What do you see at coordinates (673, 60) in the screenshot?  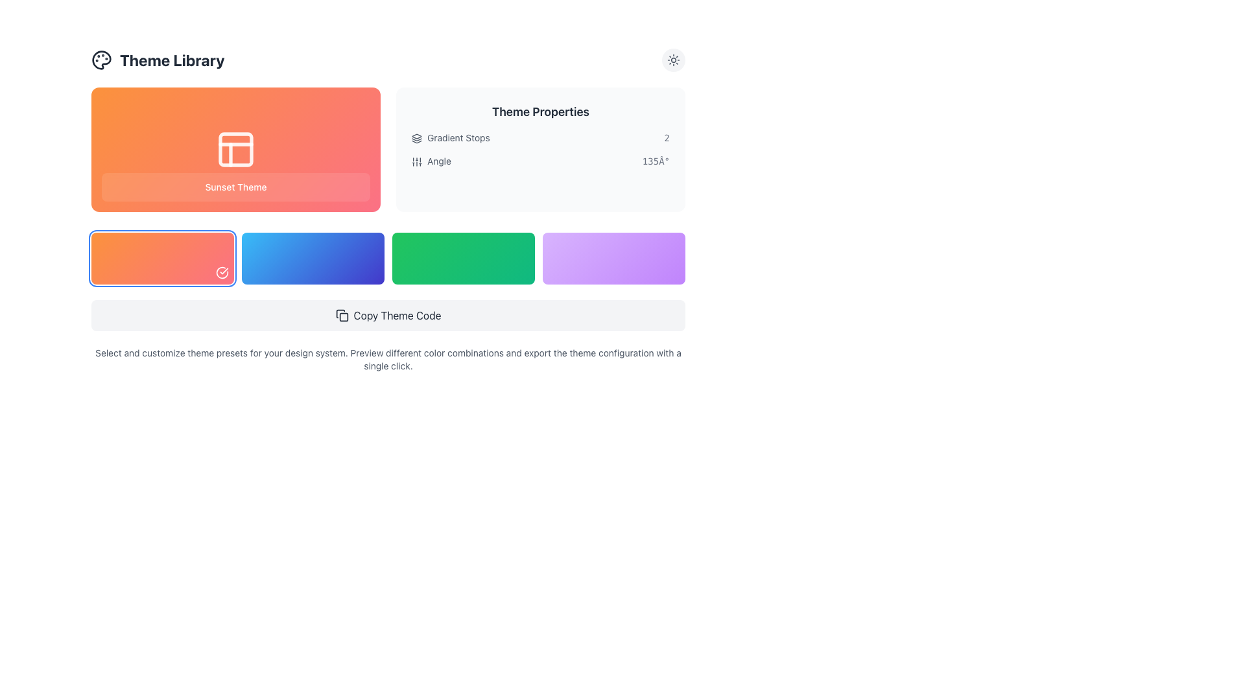 I see `the circular button with a light gray background and a sun icon inside, located at the top-right corner of the interface` at bounding box center [673, 60].